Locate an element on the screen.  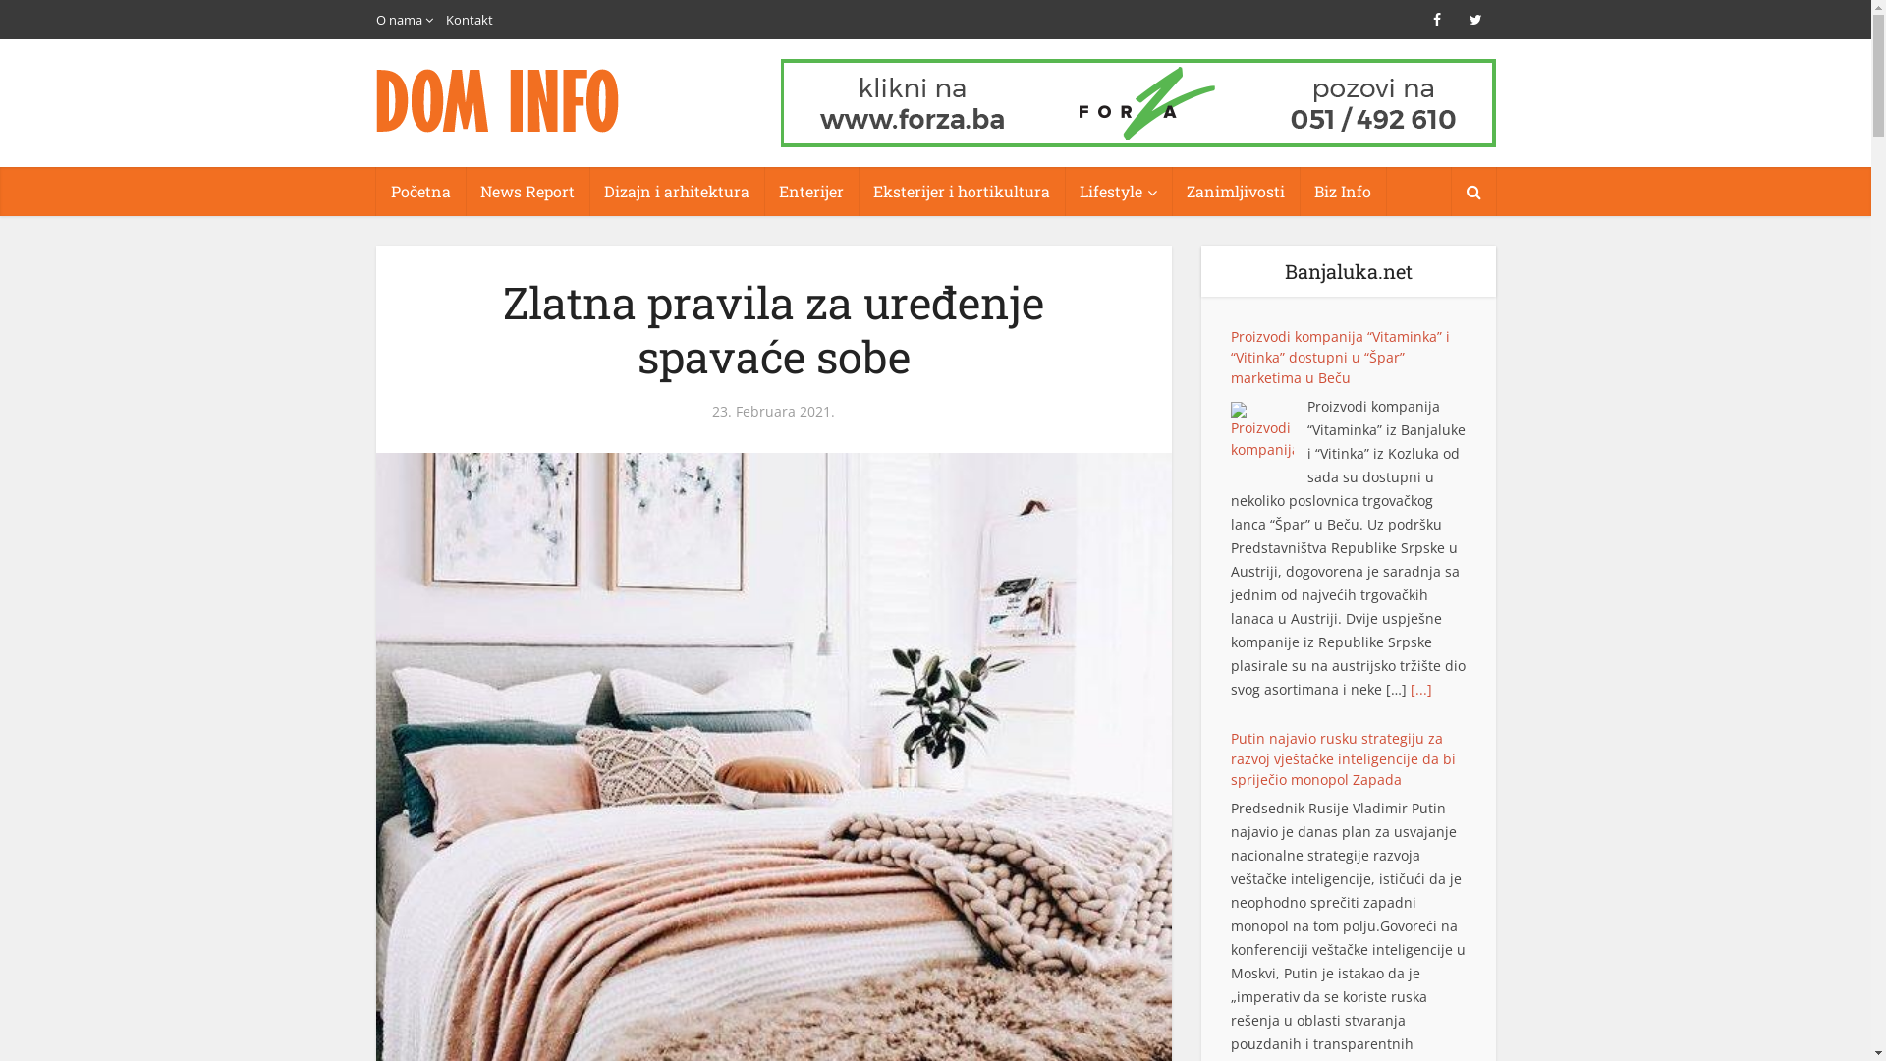
'[...]' is located at coordinates (1316, 621).